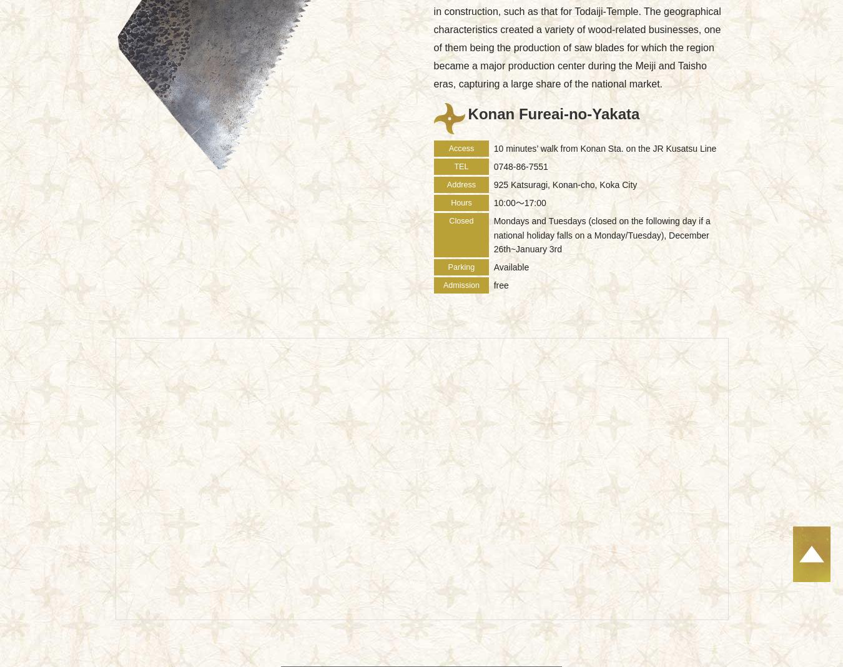  What do you see at coordinates (453, 167) in the screenshot?
I see `'TEL'` at bounding box center [453, 167].